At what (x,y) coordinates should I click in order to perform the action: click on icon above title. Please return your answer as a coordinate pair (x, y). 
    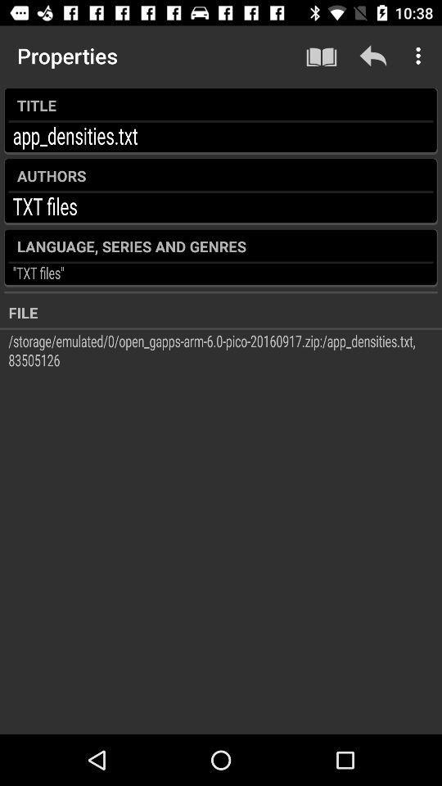
    Looking at the image, I should click on (372, 56).